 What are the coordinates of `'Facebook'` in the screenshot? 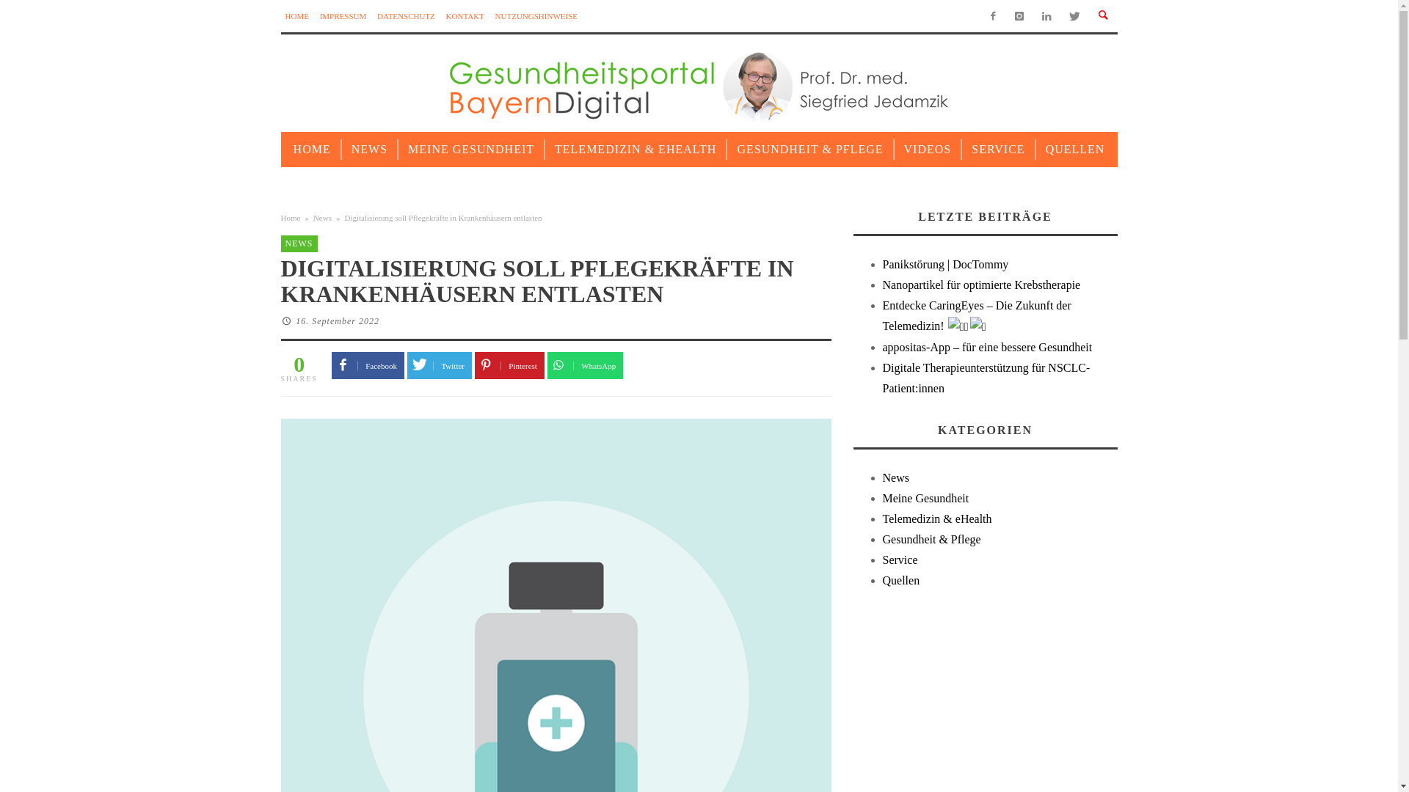 It's located at (368, 364).